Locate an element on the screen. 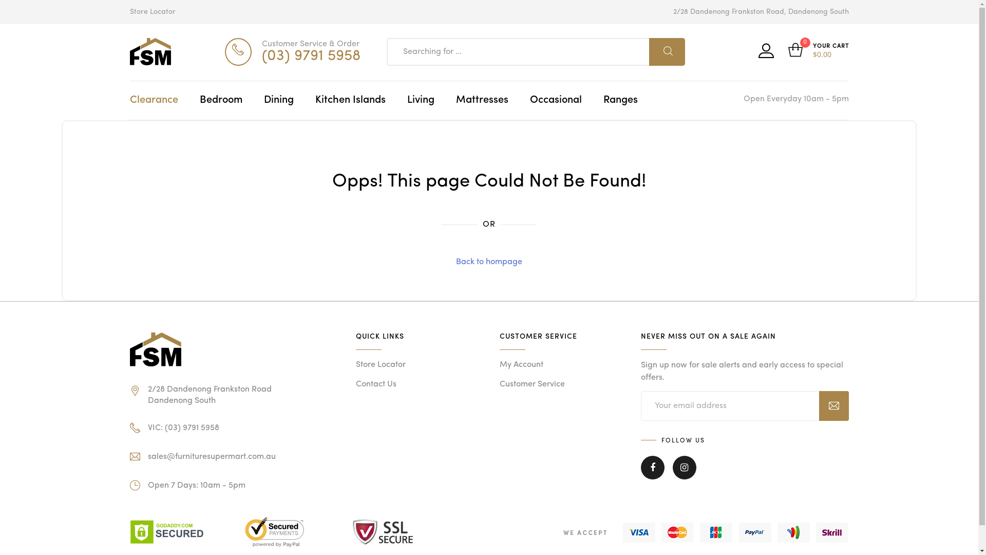 Image resolution: width=986 pixels, height=555 pixels. 'Bedroom' is located at coordinates (220, 100).